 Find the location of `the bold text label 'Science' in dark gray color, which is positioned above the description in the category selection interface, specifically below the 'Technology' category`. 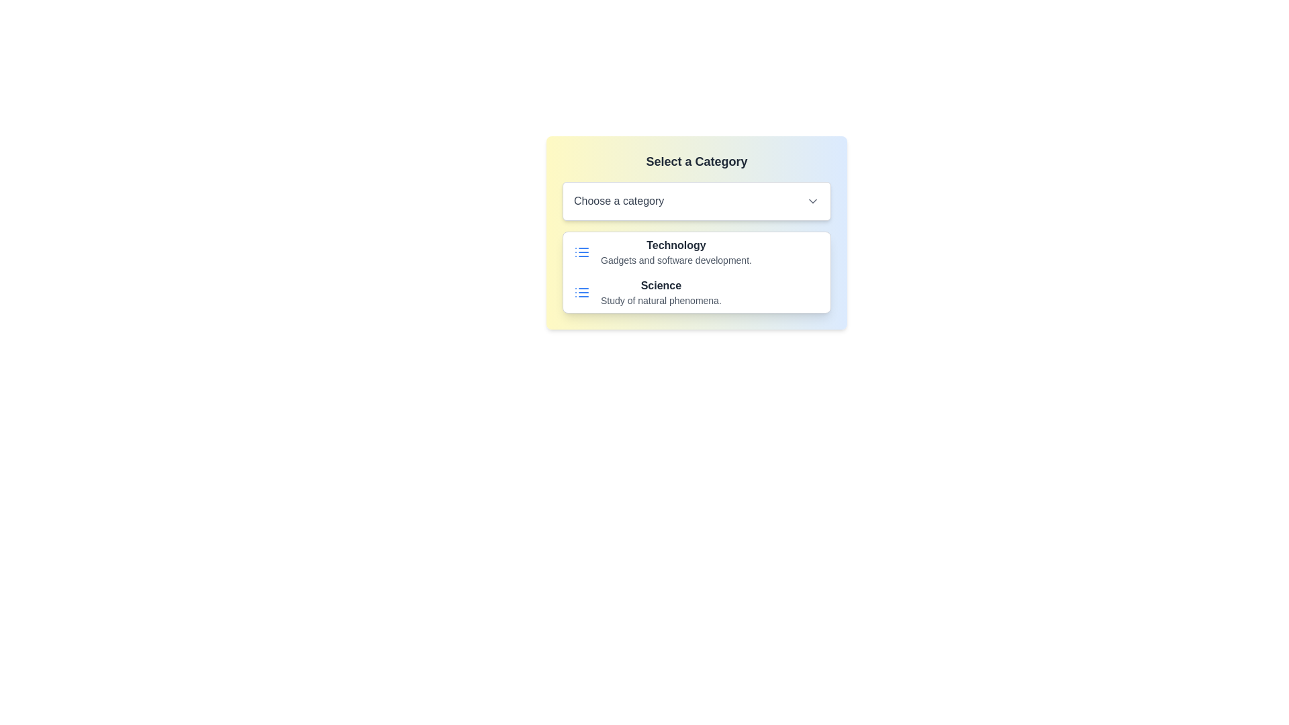

the bold text label 'Science' in dark gray color, which is positioned above the description in the category selection interface, specifically below the 'Technology' category is located at coordinates (661, 285).